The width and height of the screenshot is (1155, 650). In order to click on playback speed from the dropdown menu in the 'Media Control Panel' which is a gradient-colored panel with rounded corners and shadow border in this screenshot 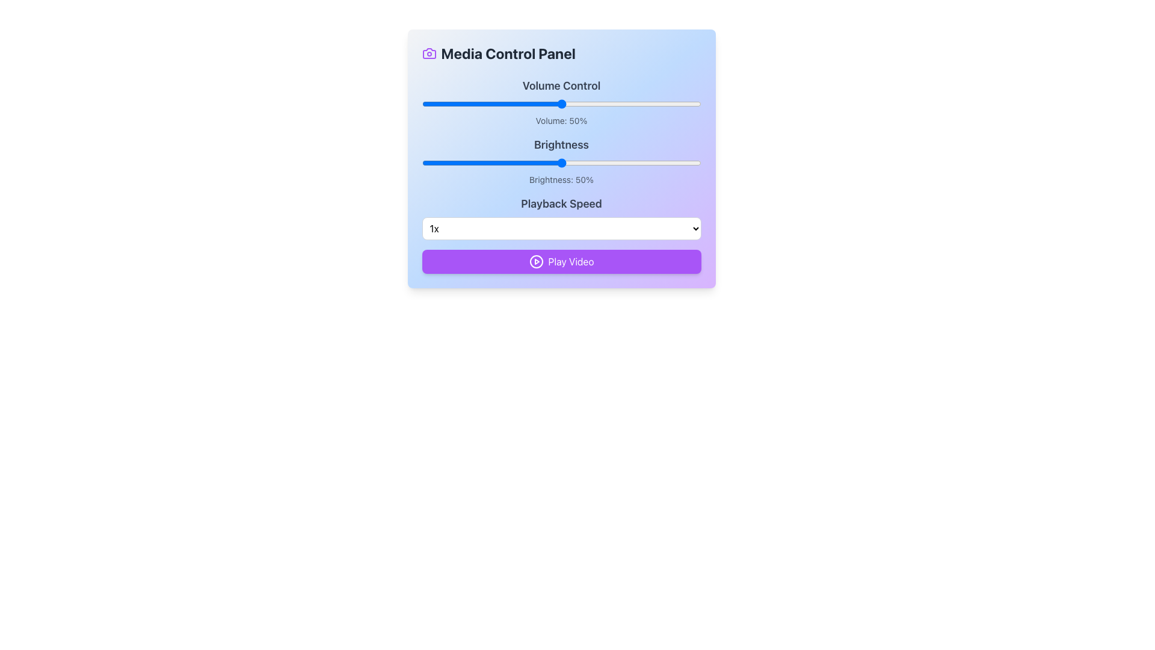, I will do `click(561, 158)`.